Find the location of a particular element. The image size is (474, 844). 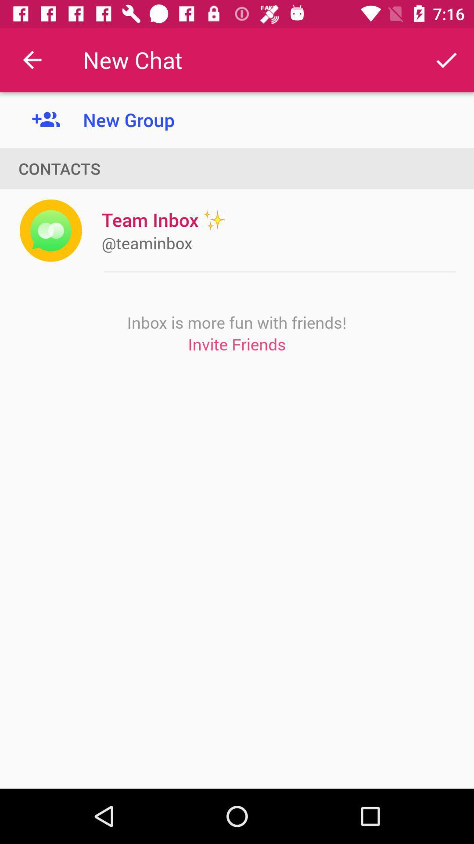

icon to the left of new group icon is located at coordinates (32, 59).